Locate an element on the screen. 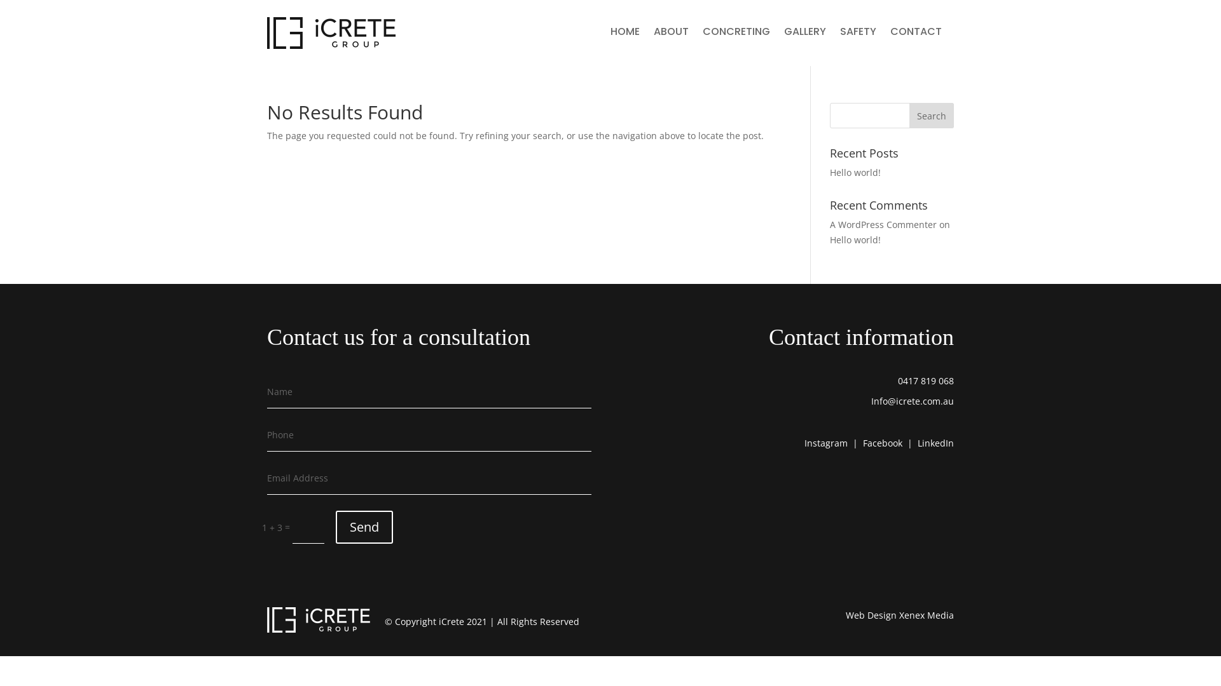 This screenshot has height=686, width=1221. 'Hello world!' is located at coordinates (830, 172).